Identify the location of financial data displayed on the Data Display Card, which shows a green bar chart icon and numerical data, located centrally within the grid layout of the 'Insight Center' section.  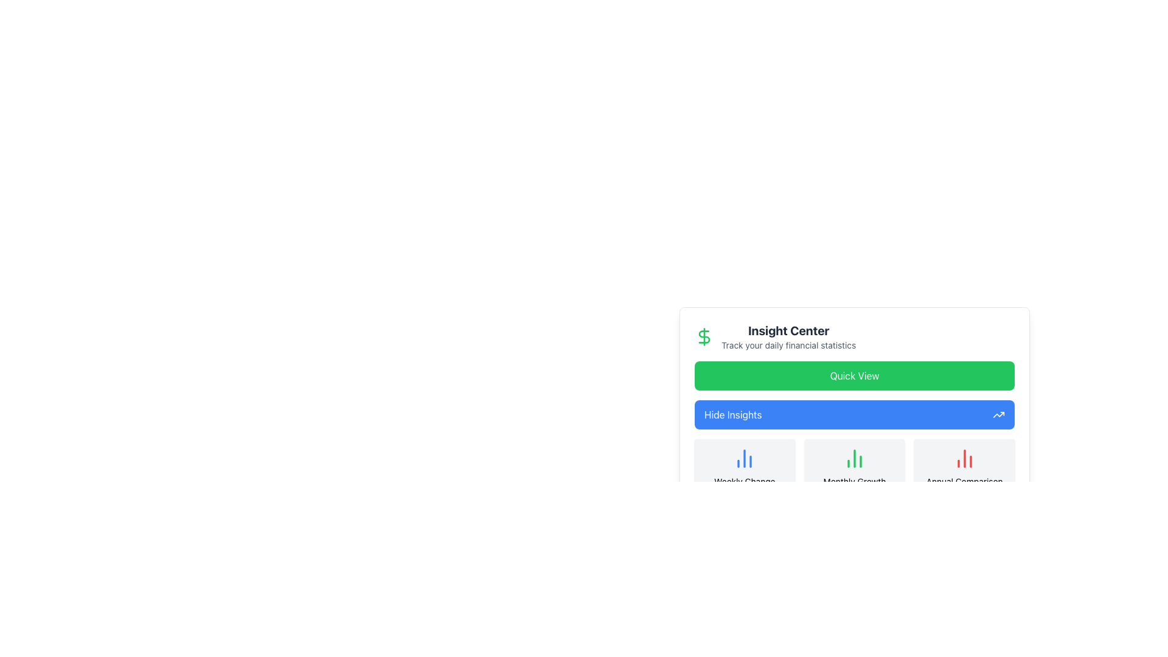
(854, 476).